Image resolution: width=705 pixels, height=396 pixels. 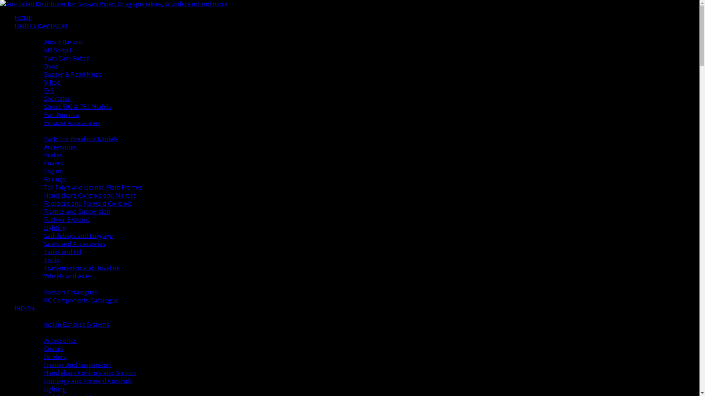 What do you see at coordinates (52, 82) in the screenshot?
I see `'V-Rod'` at bounding box center [52, 82].